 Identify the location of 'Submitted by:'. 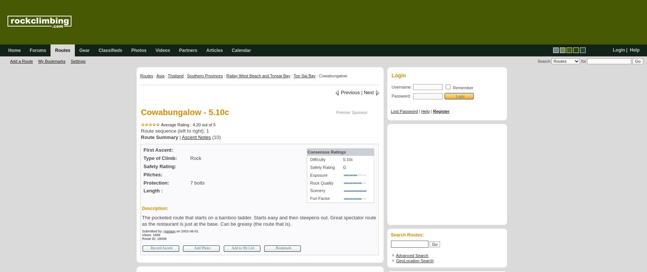
(152, 231).